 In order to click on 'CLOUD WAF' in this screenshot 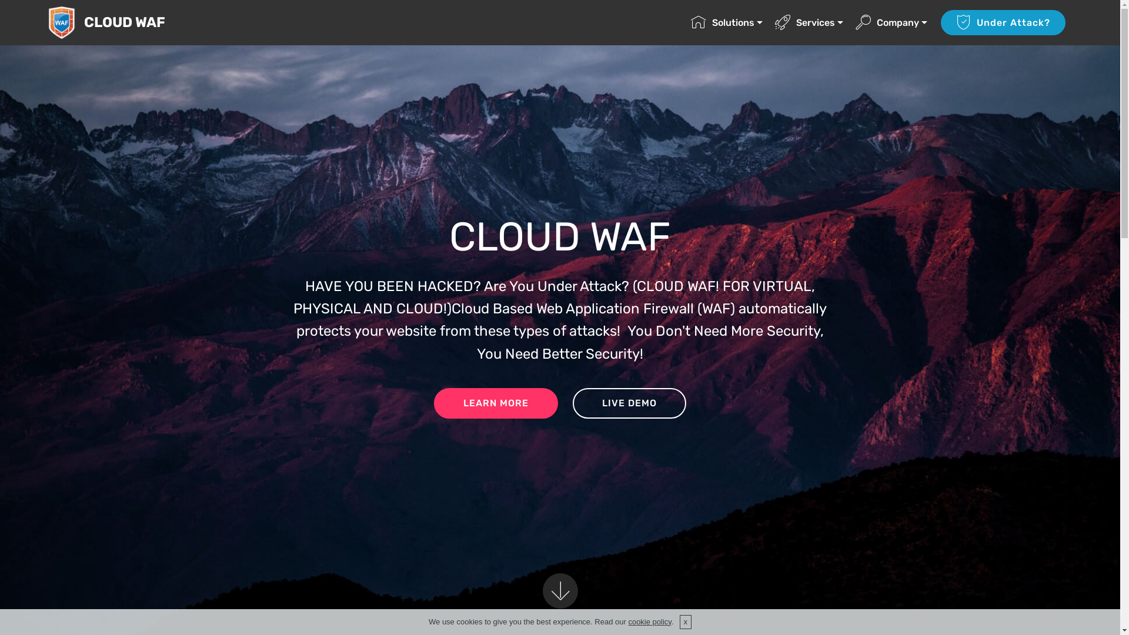, I will do `click(133, 22)`.